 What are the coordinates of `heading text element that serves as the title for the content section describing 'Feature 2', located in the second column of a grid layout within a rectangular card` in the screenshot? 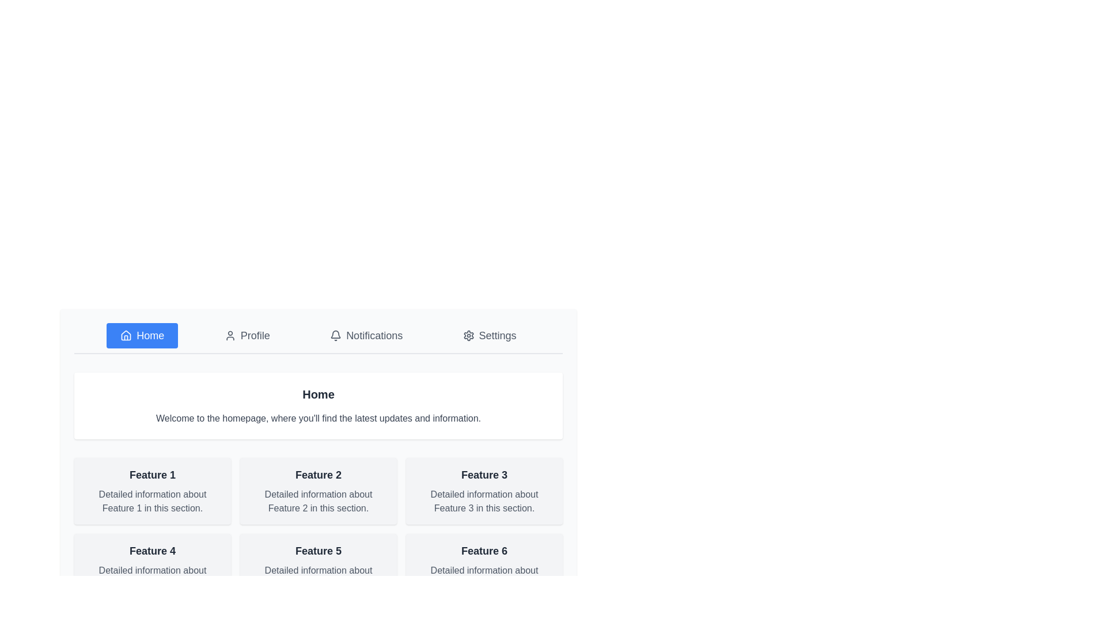 It's located at (318, 475).